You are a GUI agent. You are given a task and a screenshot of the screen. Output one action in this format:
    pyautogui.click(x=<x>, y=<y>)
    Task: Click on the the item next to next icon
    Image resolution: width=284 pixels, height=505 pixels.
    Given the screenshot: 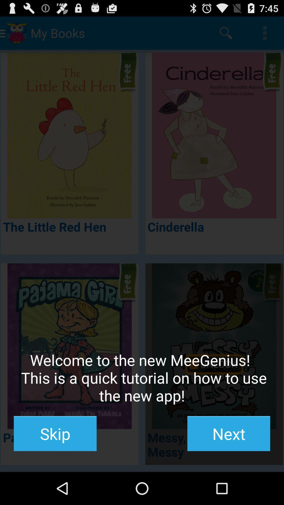 What is the action you would take?
    pyautogui.click(x=55, y=433)
    